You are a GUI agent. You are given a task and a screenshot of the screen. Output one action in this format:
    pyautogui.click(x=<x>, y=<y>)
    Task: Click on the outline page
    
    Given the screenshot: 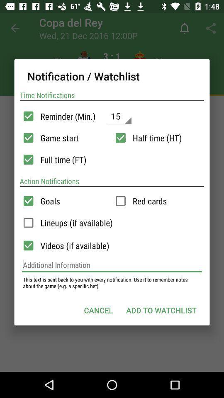 What is the action you would take?
    pyautogui.click(x=28, y=222)
    